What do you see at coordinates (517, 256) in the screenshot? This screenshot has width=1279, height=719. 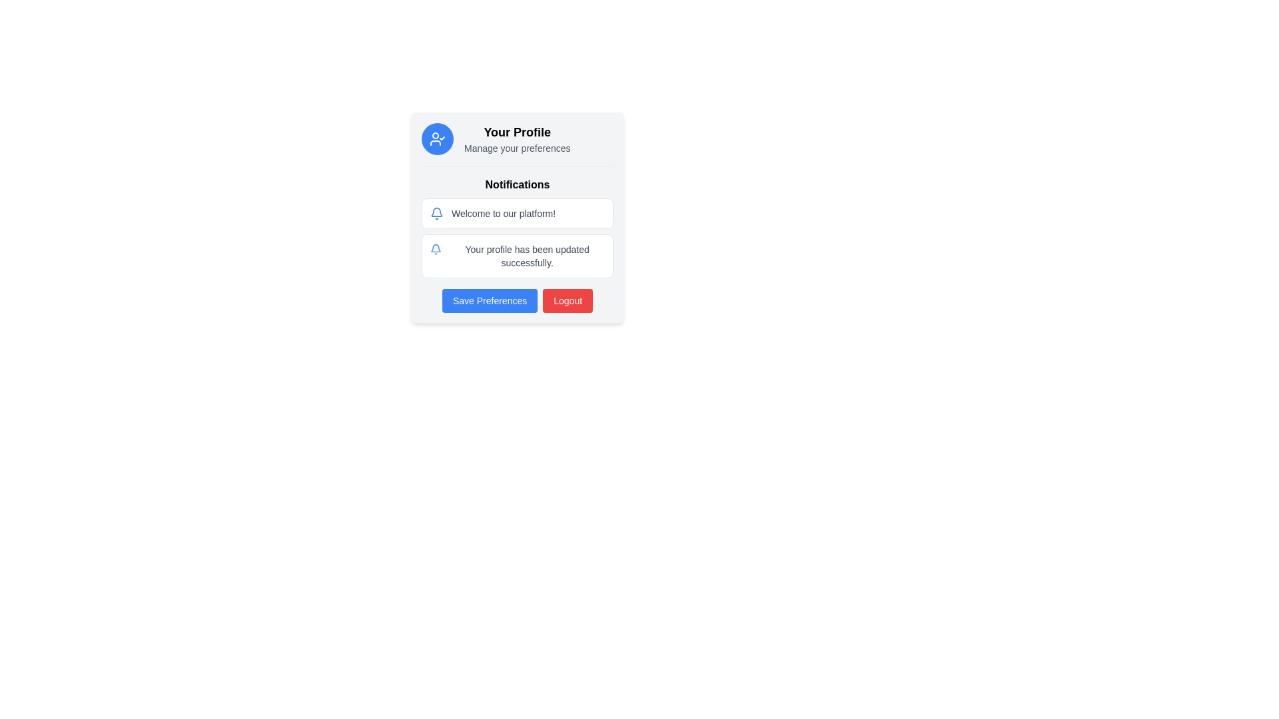 I see `the notification element styled as a rounded rectangle with a white background, which contains a blue bell icon and the text 'Your profile has been updated successfully.'` at bounding box center [517, 256].